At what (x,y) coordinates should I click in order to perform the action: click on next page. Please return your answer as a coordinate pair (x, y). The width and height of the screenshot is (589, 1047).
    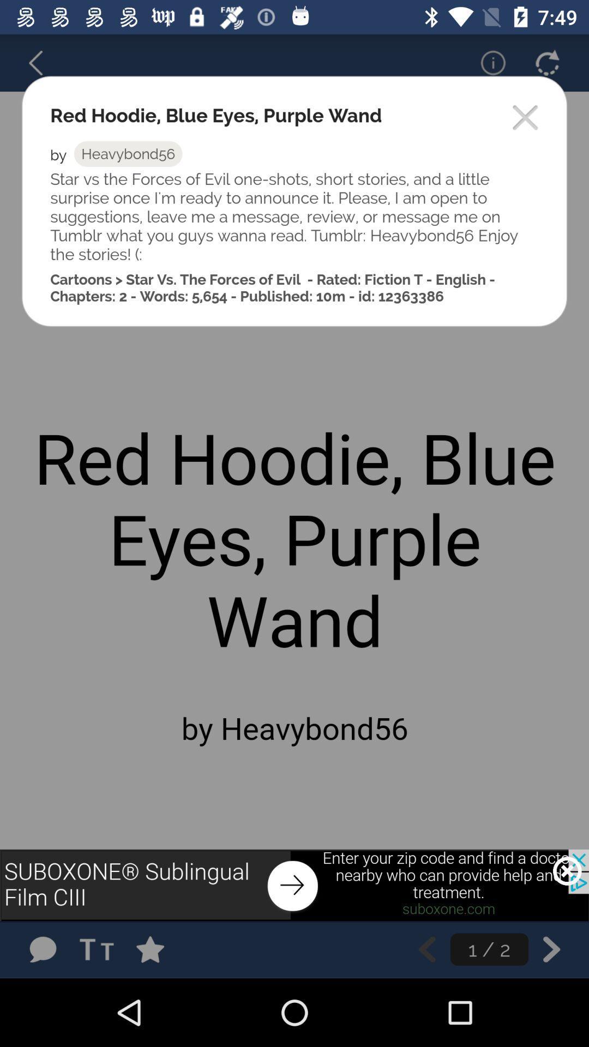
    Looking at the image, I should click on (551, 949).